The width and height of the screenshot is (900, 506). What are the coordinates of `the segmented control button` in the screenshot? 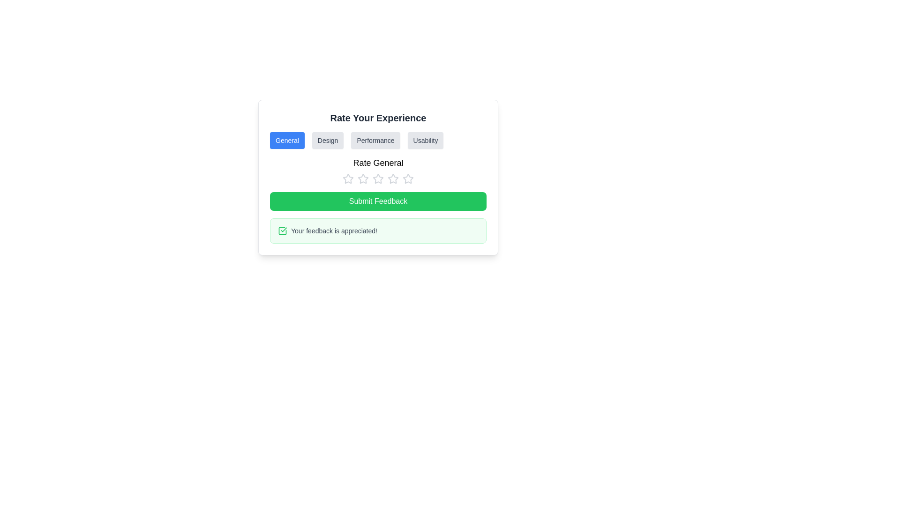 It's located at (378, 141).